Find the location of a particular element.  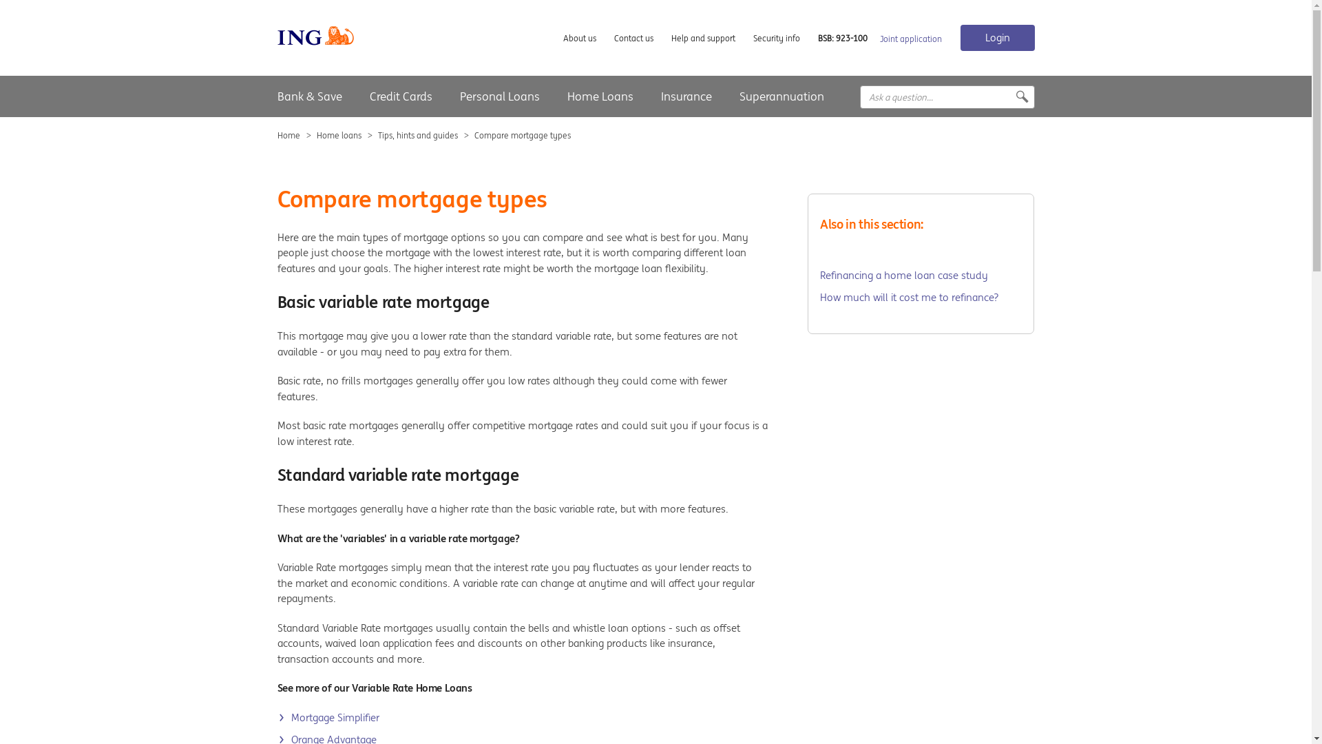

'Superannuation' is located at coordinates (725, 95).